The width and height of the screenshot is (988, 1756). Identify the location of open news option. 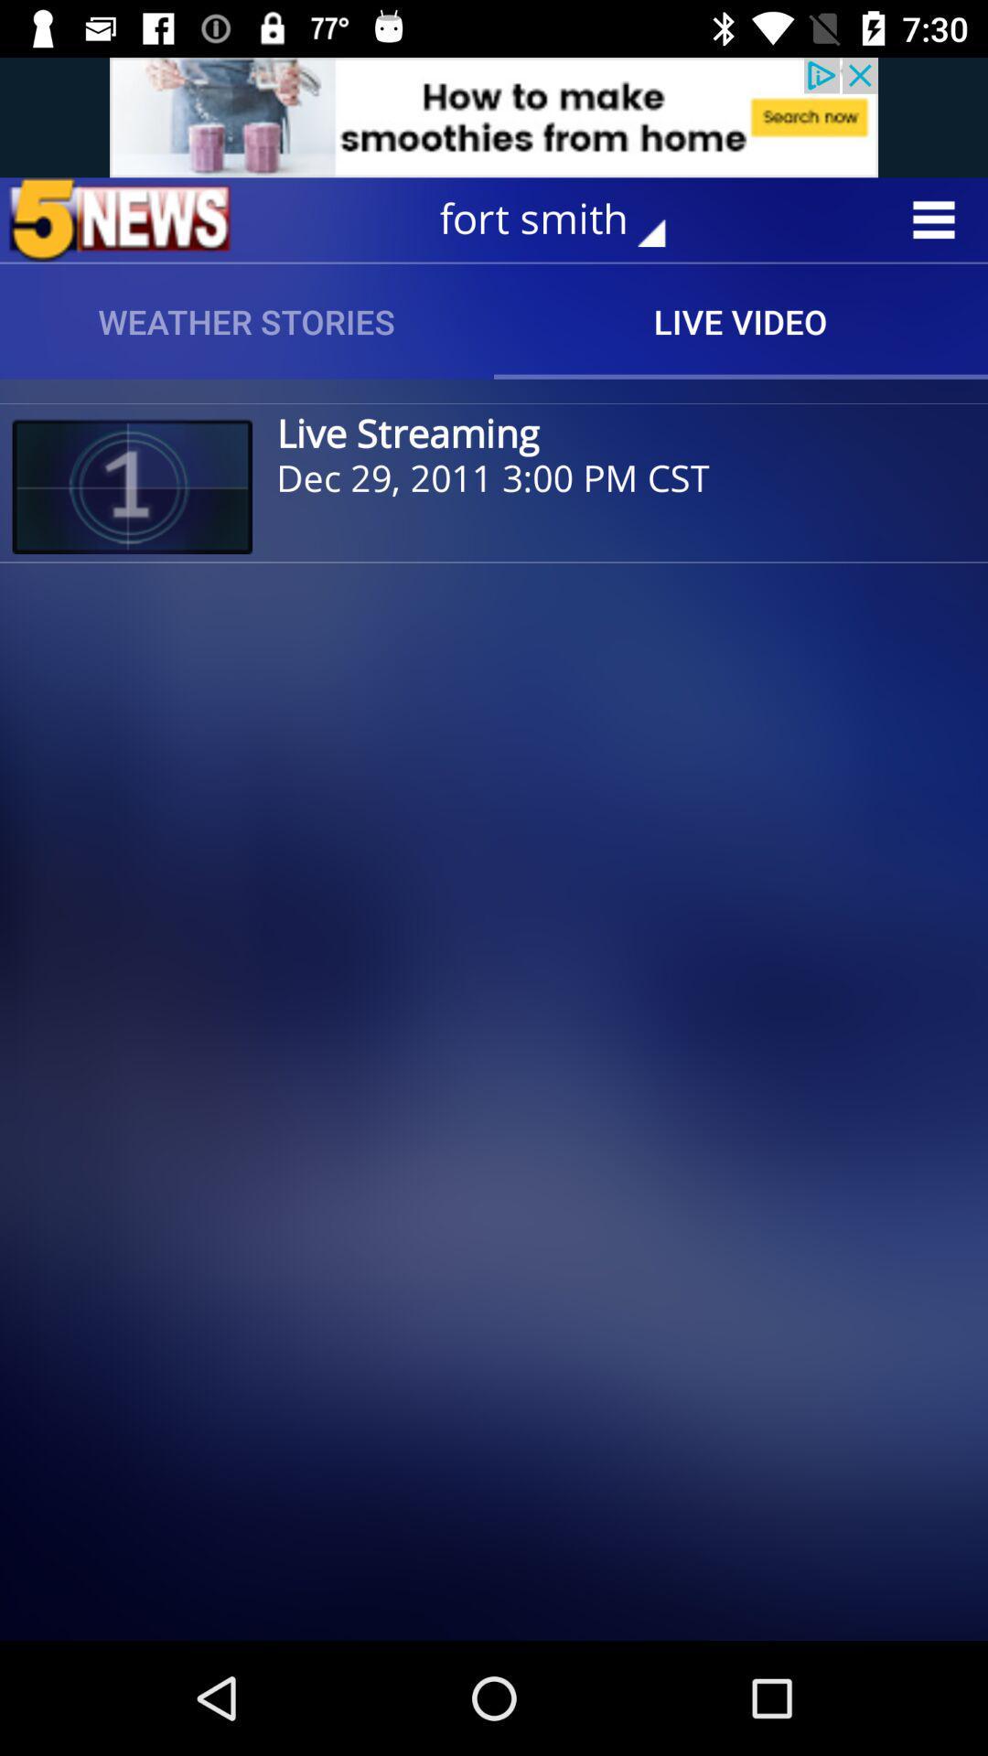
(120, 219).